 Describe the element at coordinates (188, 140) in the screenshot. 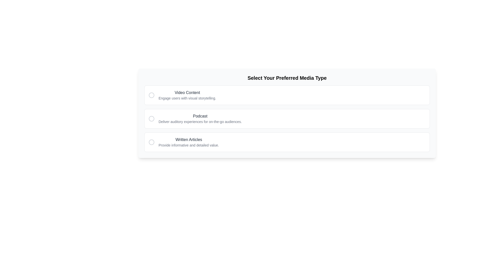

I see `the 'Written Articles' label, which is a textual component in medium gray font, located in the third option of a vertical list within the 'Select Your Preferred Media Type' form` at that location.